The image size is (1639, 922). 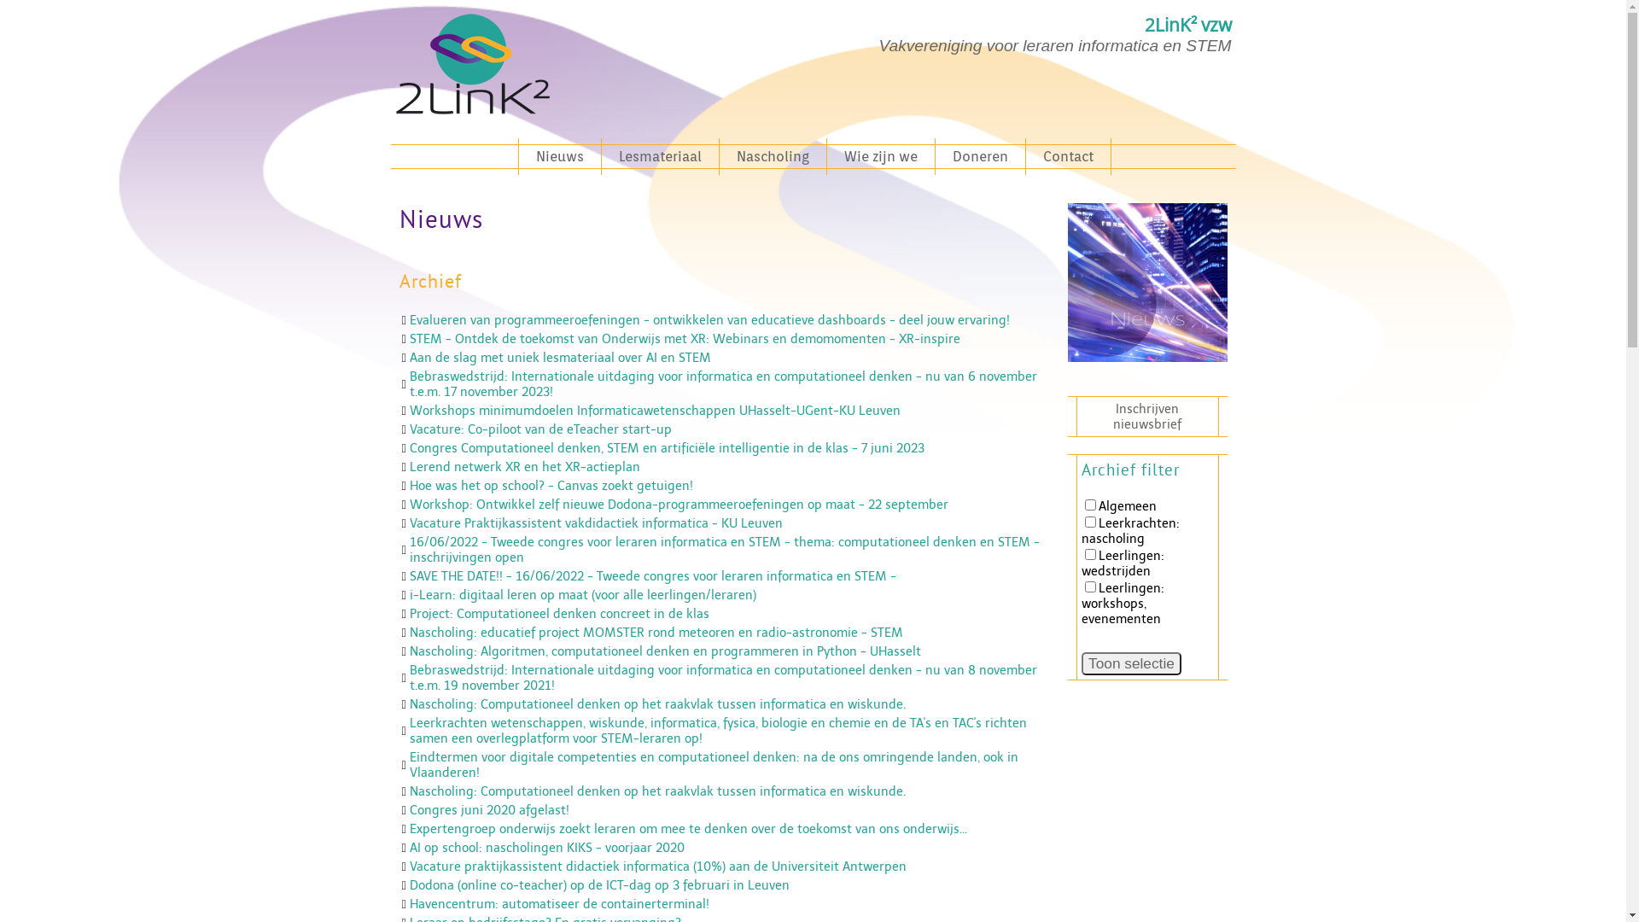 I want to click on 'Project: Computationeel denken concreet in de klas', so click(x=559, y=612).